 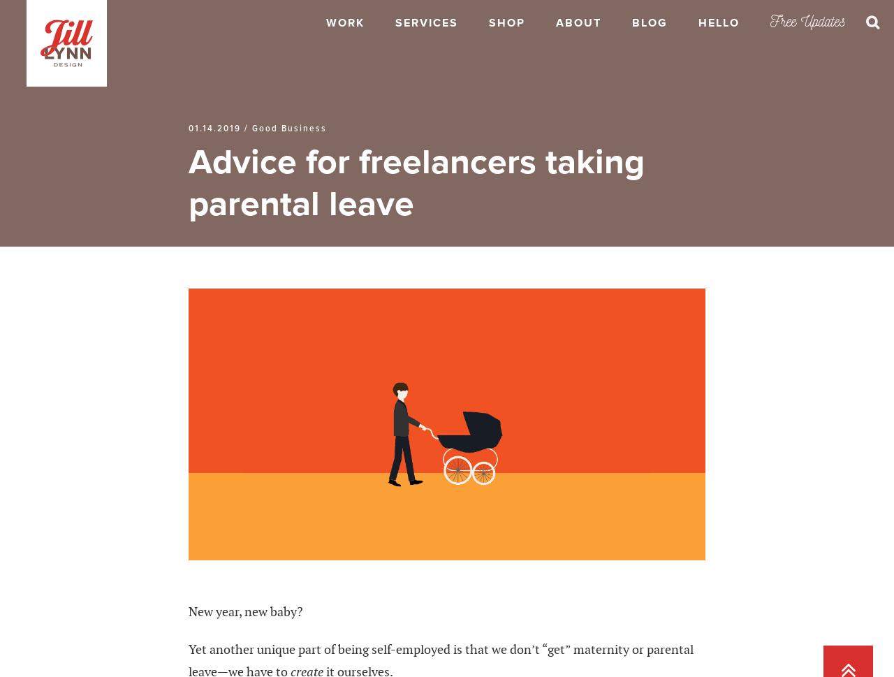 What do you see at coordinates (416, 182) in the screenshot?
I see `'Advice for freelancers taking parental leave'` at bounding box center [416, 182].